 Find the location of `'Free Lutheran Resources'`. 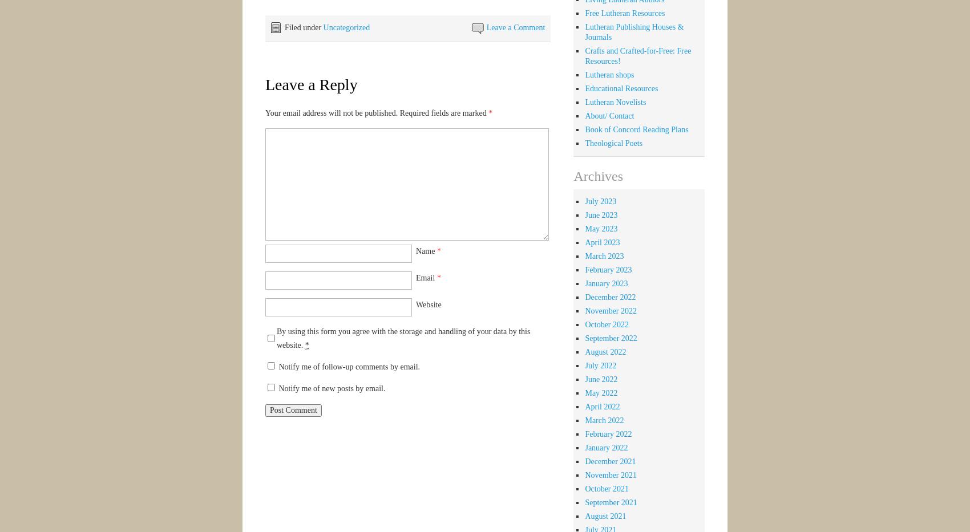

'Free Lutheran Resources' is located at coordinates (624, 12).